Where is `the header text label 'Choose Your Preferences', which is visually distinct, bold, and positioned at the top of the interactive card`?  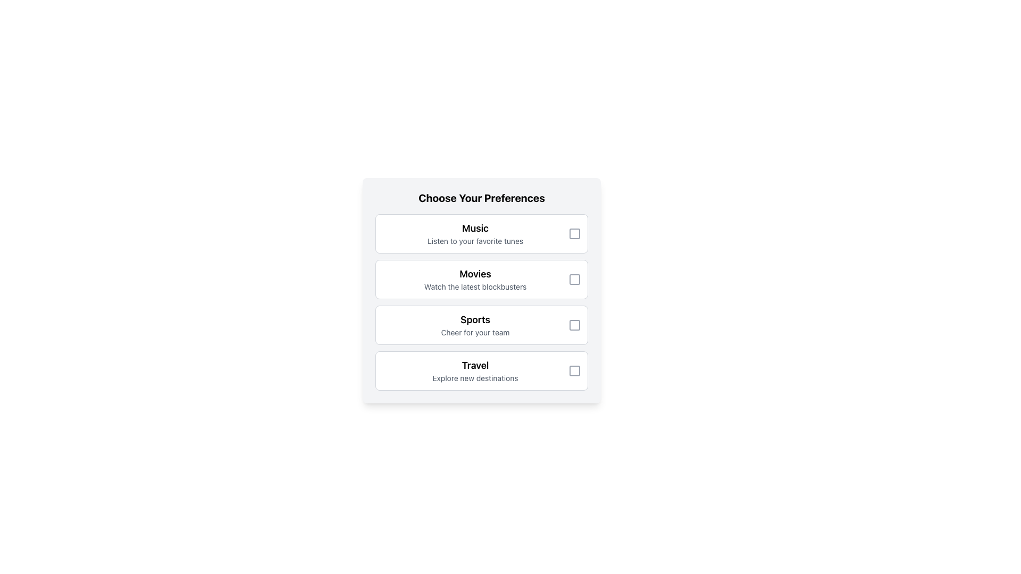 the header text label 'Choose Your Preferences', which is visually distinct, bold, and positioned at the top of the interactive card is located at coordinates (481, 198).